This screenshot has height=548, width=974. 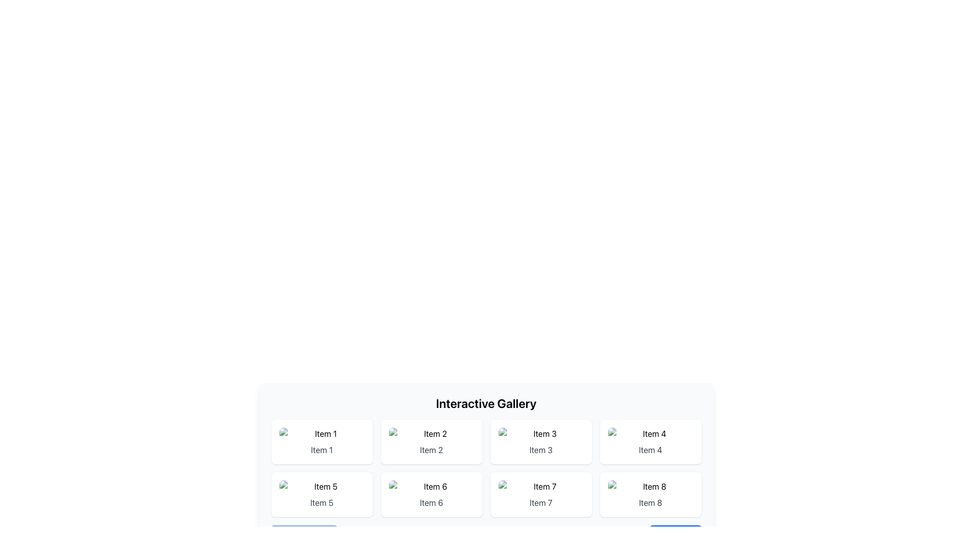 I want to click on the third card in the 'Interactive Gallery' section, representing 'Item 3', for interaction, so click(x=540, y=441).